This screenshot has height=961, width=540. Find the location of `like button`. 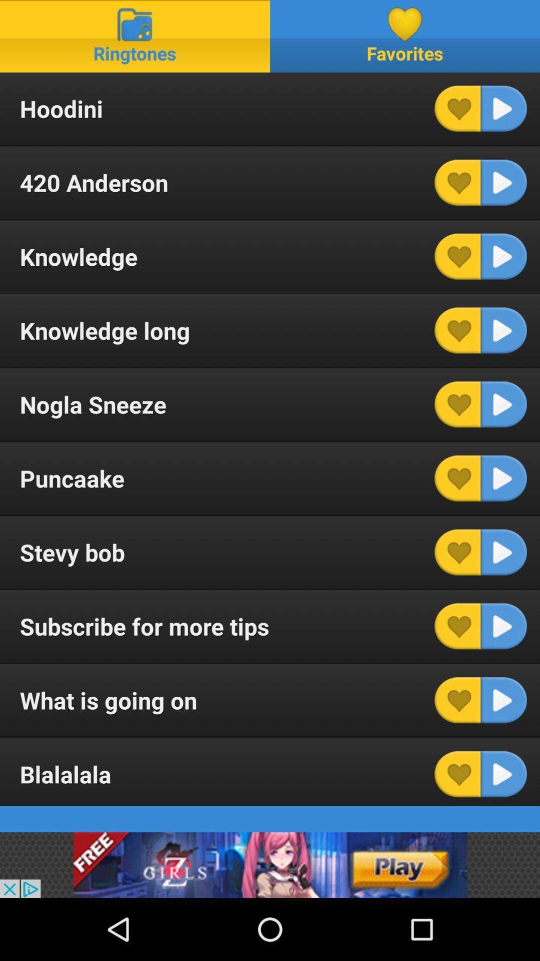

like button is located at coordinates (457, 330).